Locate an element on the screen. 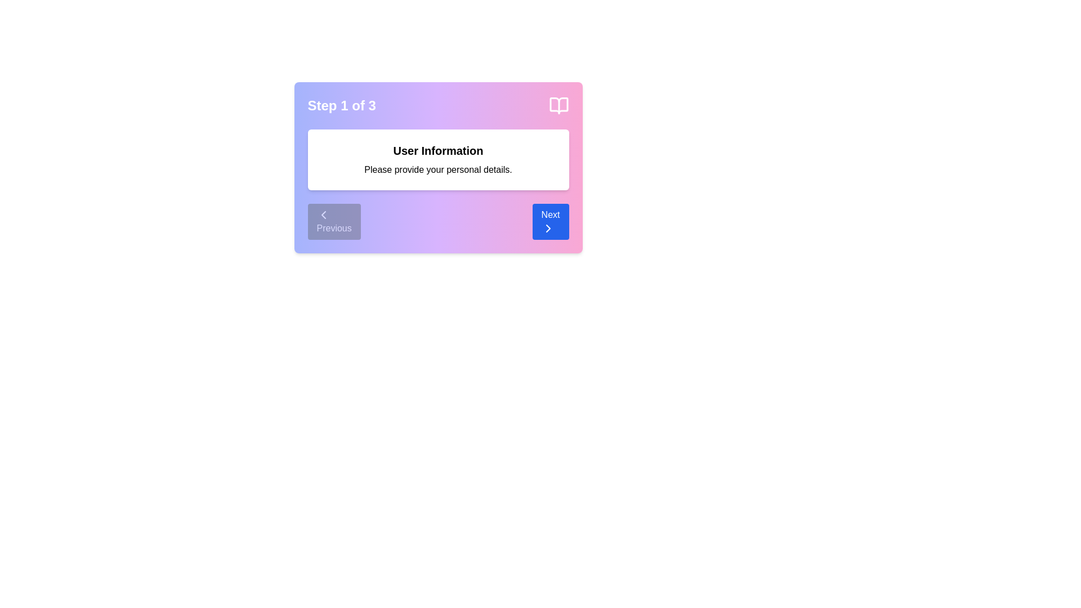  the 'Next' button to proceed to the next step is located at coordinates (551, 221).